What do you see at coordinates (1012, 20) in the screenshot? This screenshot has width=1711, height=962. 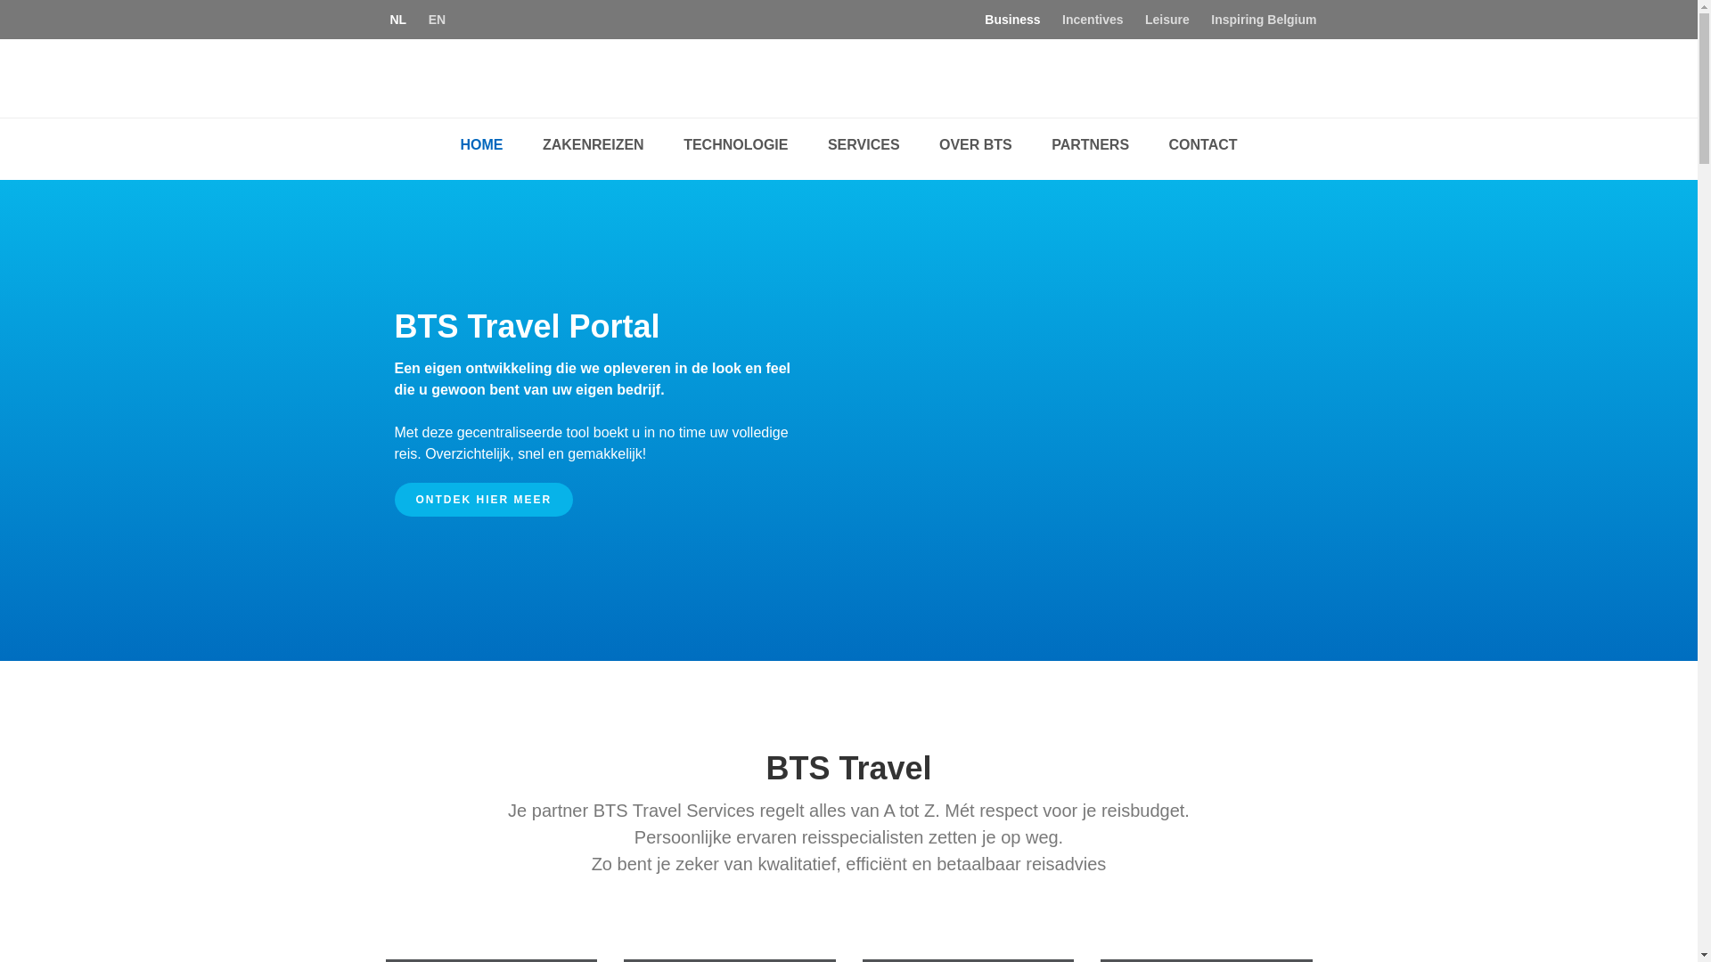 I see `'Business'` at bounding box center [1012, 20].